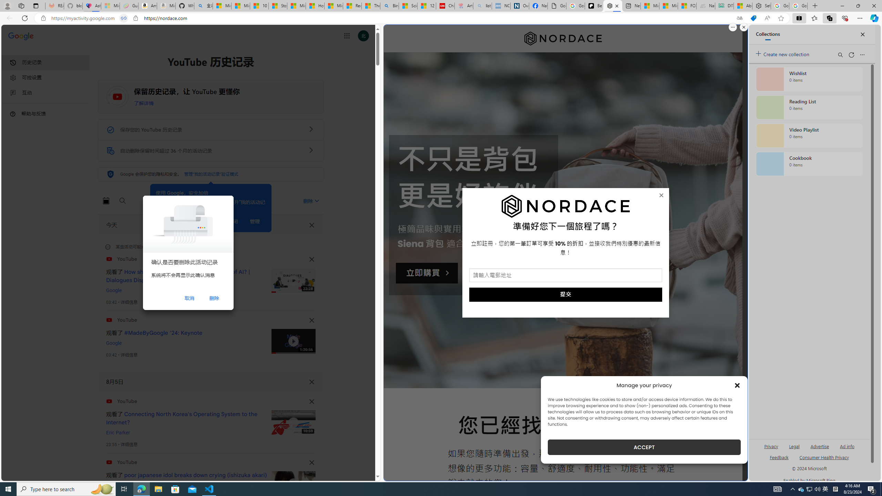  What do you see at coordinates (566, 275) in the screenshot?
I see `'AutomationID: input_5_1'` at bounding box center [566, 275].